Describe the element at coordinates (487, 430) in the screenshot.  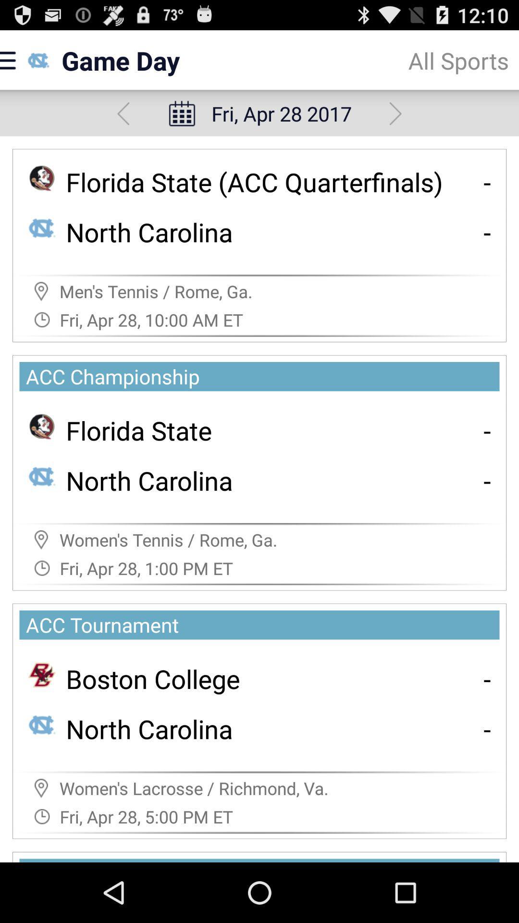
I see `the icon above - item` at that location.